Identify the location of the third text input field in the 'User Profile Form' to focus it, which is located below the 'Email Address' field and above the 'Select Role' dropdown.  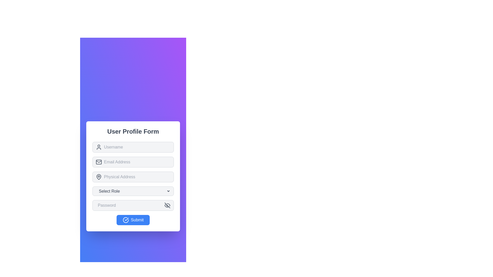
(133, 176).